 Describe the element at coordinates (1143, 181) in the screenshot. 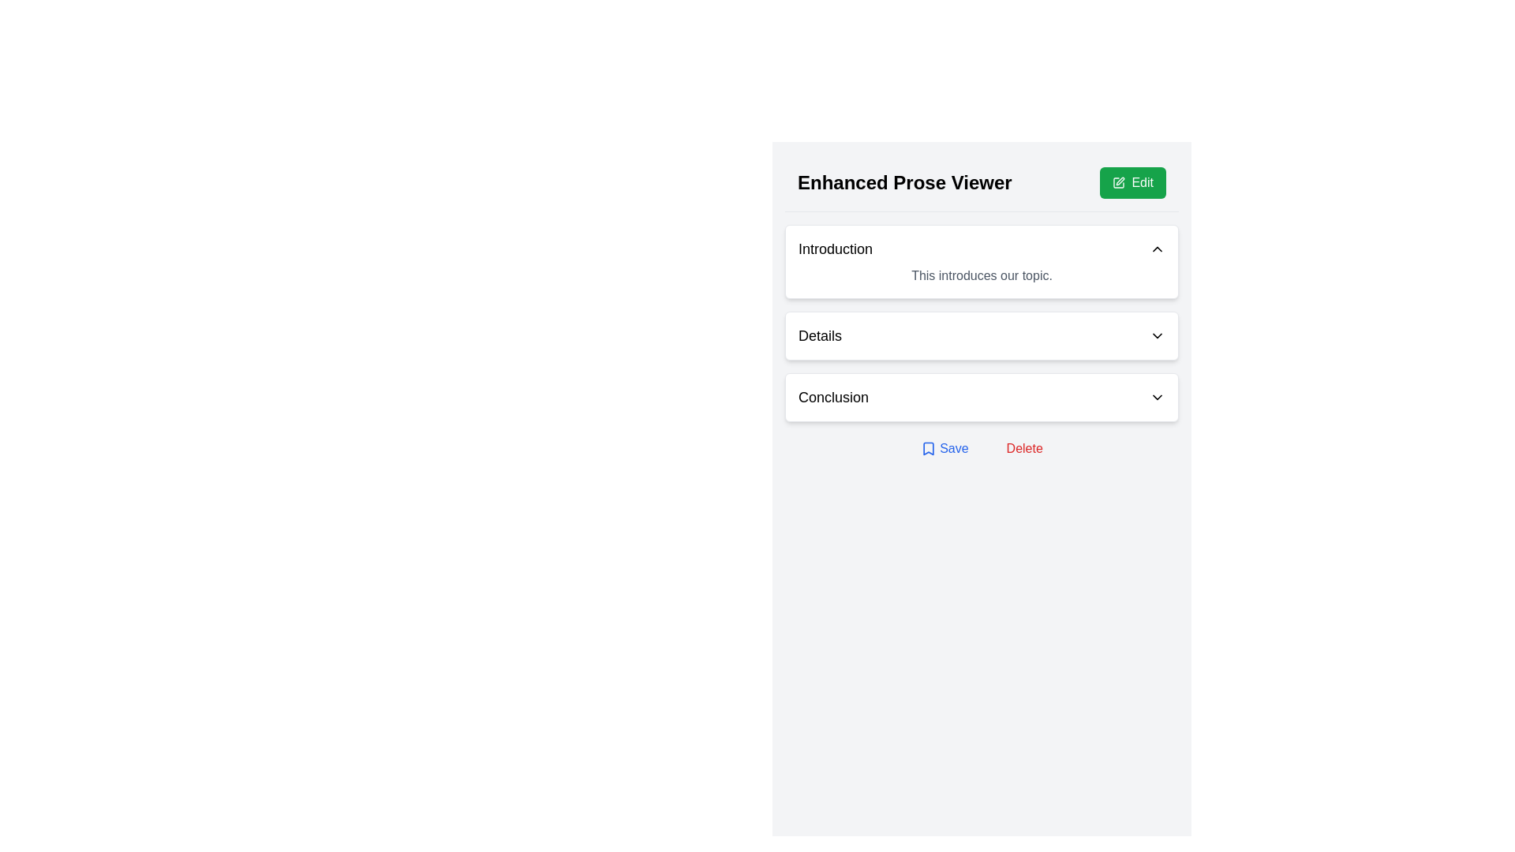

I see `the 'Edit' text label, which is styled in white font on a green background and located near the top-right corner of the main interface panel within a green button` at that location.